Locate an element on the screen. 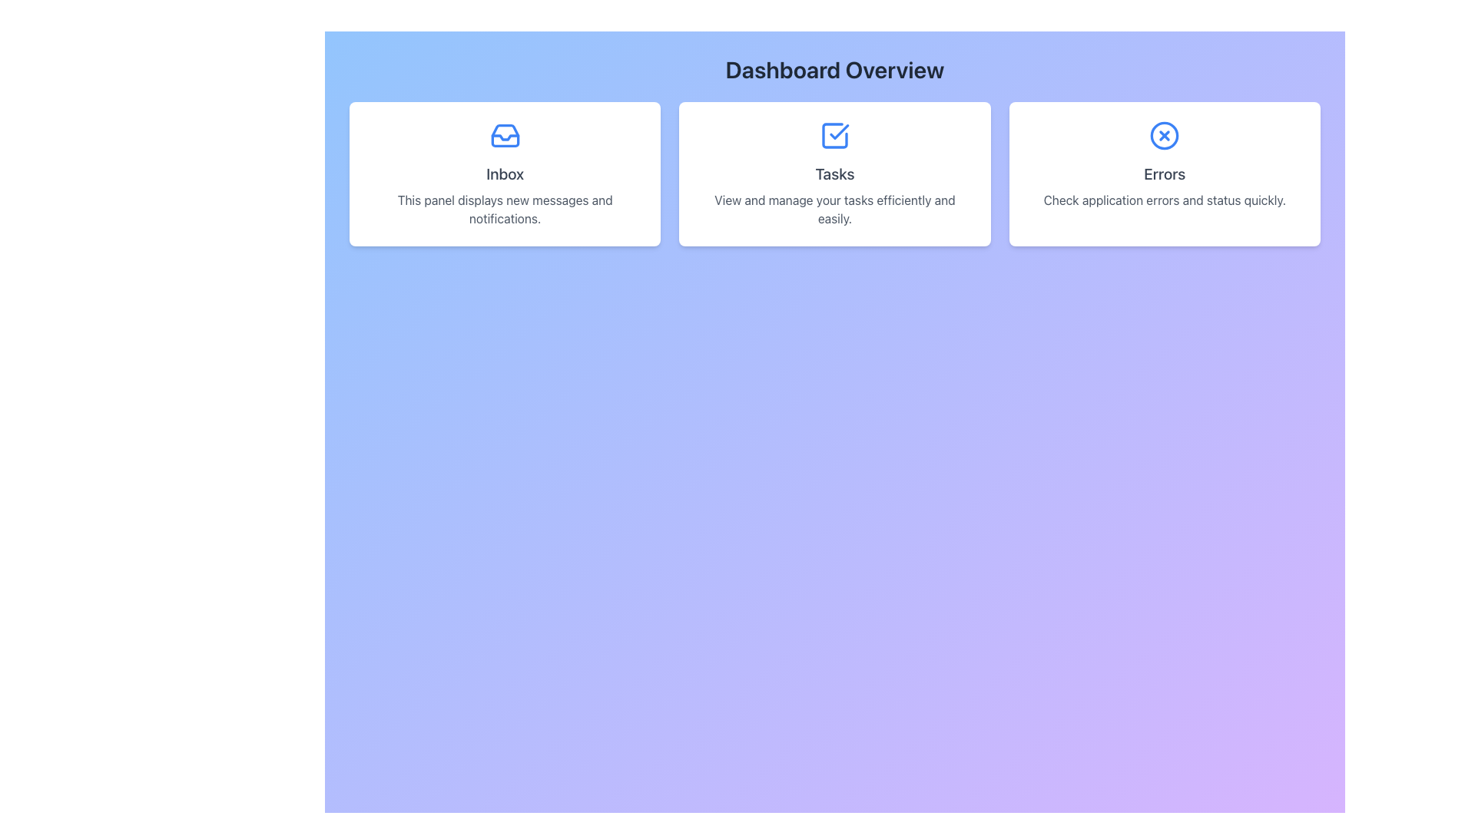  the 'Inbox' text label, which is a medium-sized, bold, gray text centrally aligned in a white panel with rounded corners is located at coordinates (505, 173).